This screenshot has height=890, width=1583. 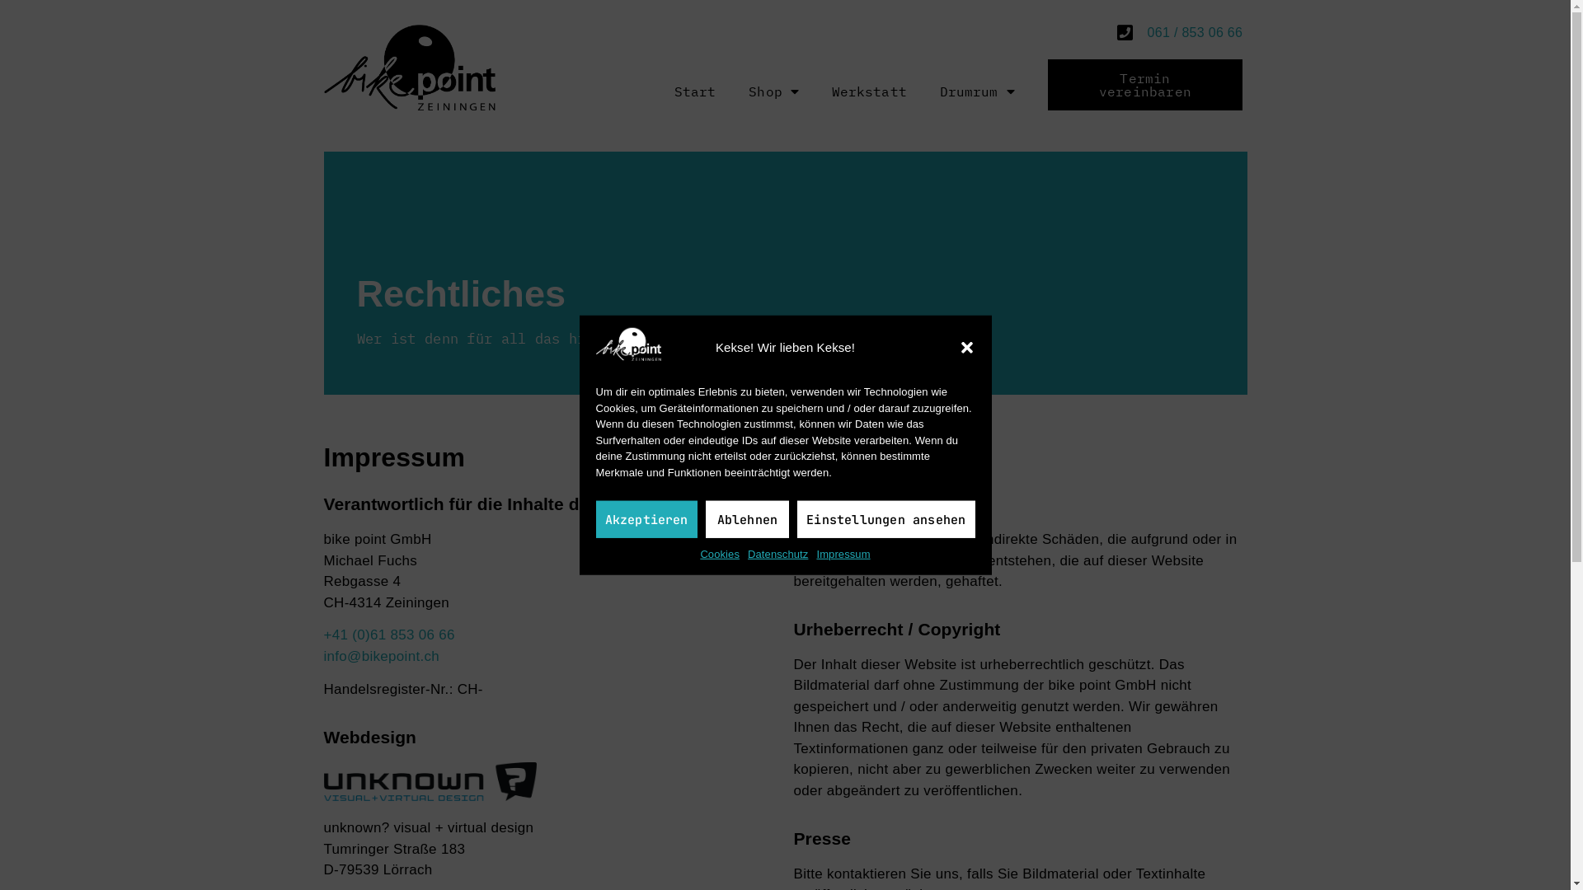 What do you see at coordinates (323, 634) in the screenshot?
I see `'+41 (0)61 853 06 66'` at bounding box center [323, 634].